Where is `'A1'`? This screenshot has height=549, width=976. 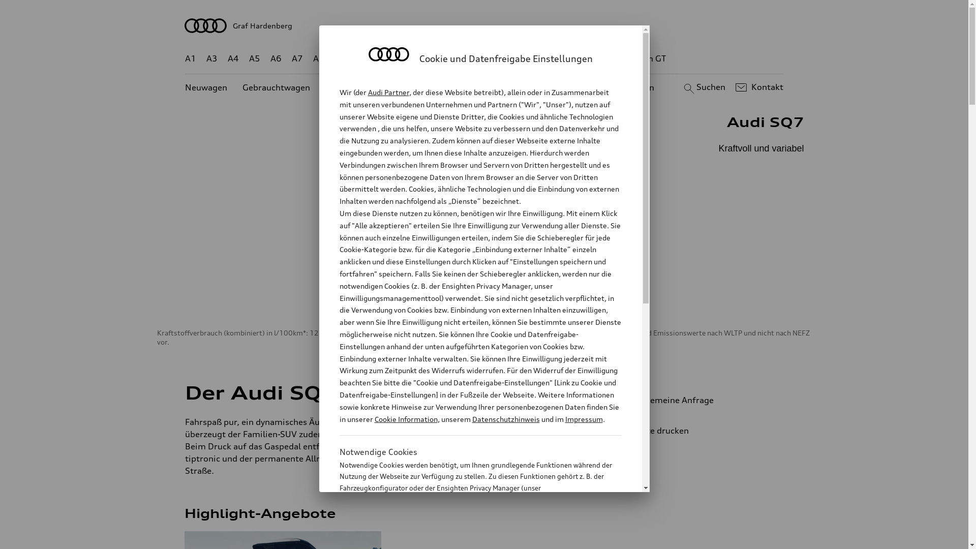
'A1' is located at coordinates (190, 58).